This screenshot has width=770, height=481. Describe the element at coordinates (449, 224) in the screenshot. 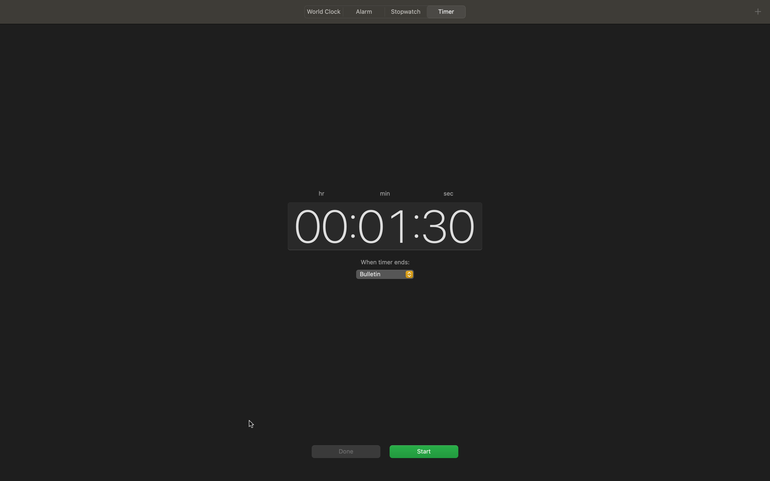

I see `Update the seconds field to 45` at that location.